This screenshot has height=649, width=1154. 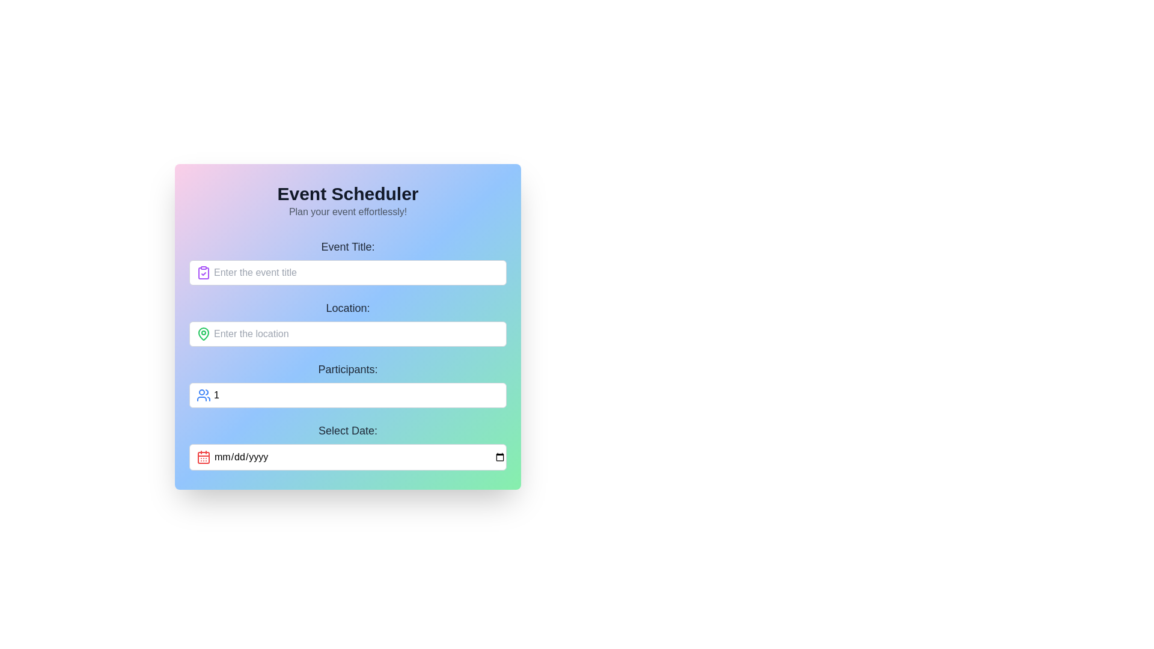 I want to click on the static text label reading 'Event Title:' which is positioned above the related text input field in the form interface, so click(x=347, y=261).